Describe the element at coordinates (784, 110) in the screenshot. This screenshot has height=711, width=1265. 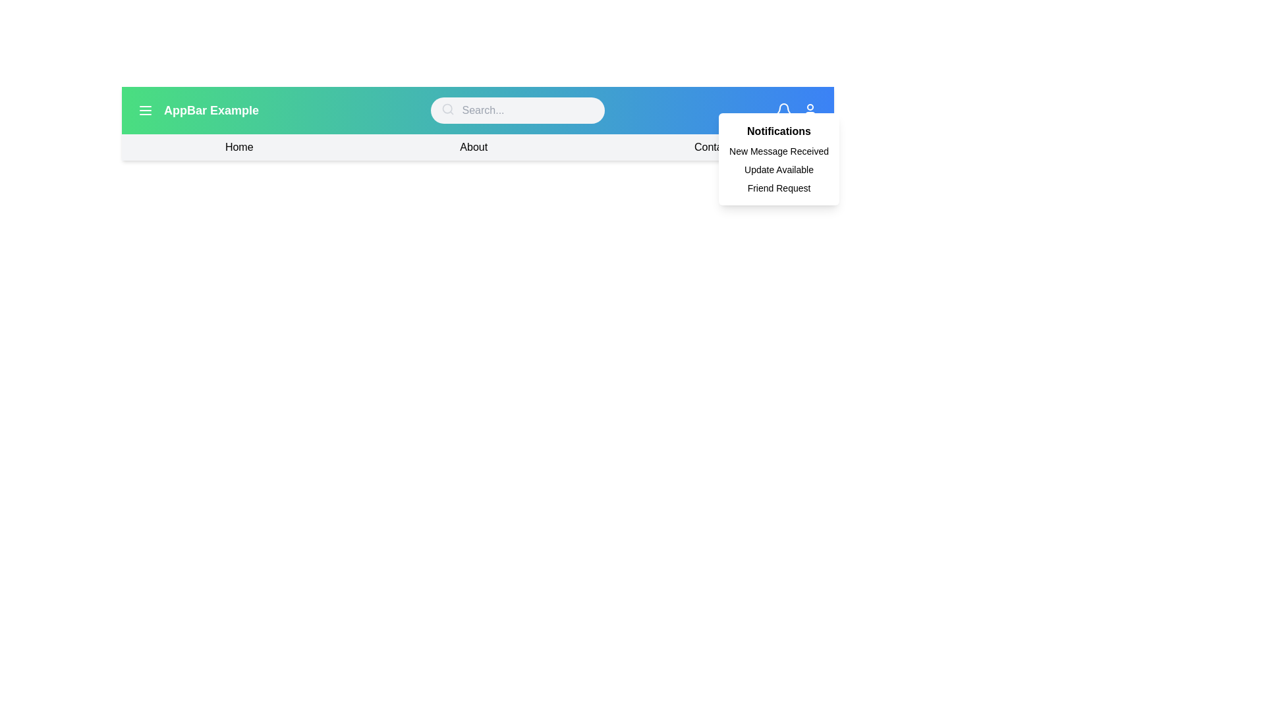
I see `the bell icon to toggle the notifications dropdown` at that location.